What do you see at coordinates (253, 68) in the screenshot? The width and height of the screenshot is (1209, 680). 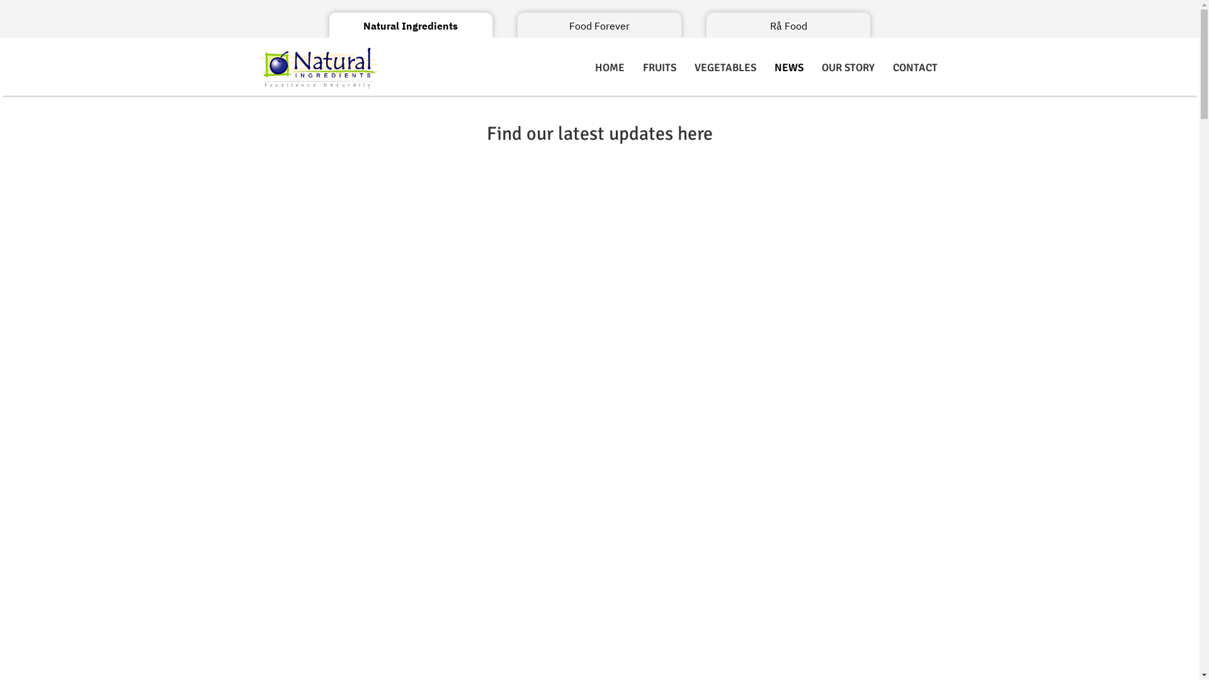 I see `'Natural Ingredient oldlogo small'` at bounding box center [253, 68].